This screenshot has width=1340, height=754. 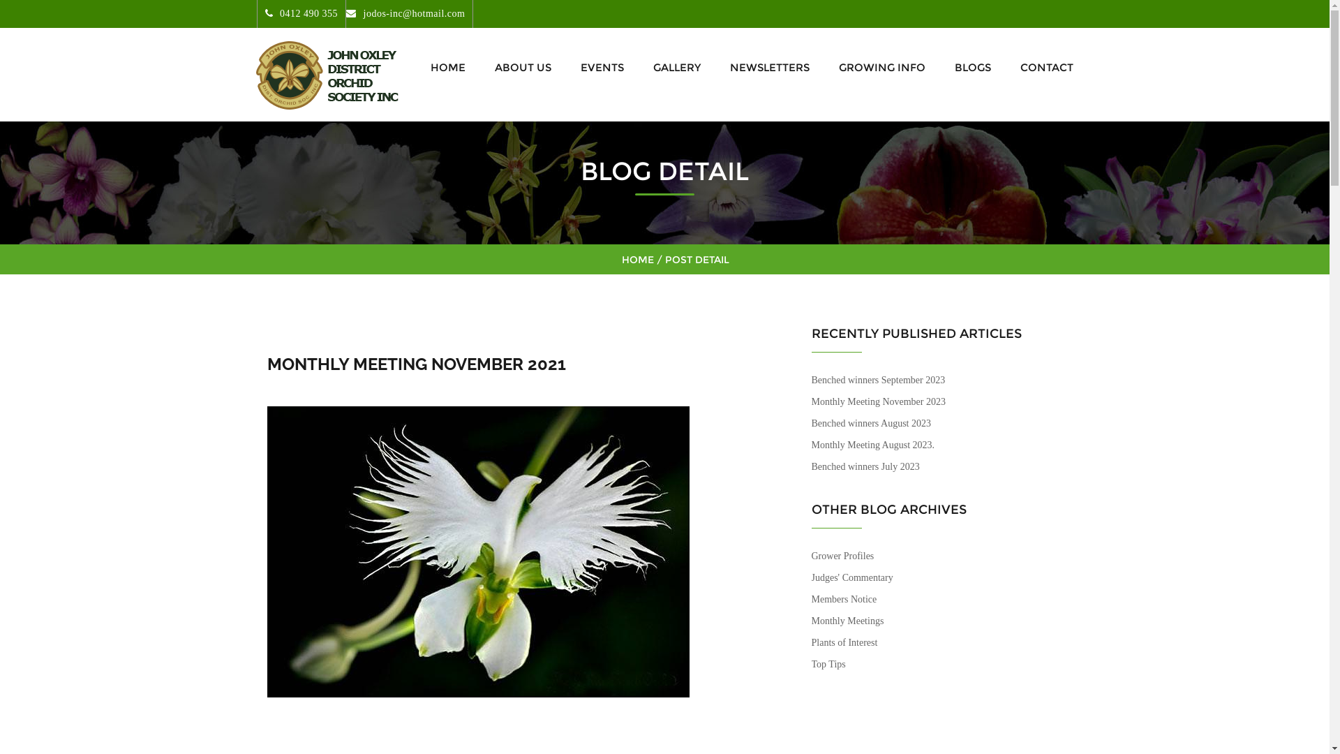 What do you see at coordinates (810, 401) in the screenshot?
I see `'Monthly Meeting November 2023'` at bounding box center [810, 401].